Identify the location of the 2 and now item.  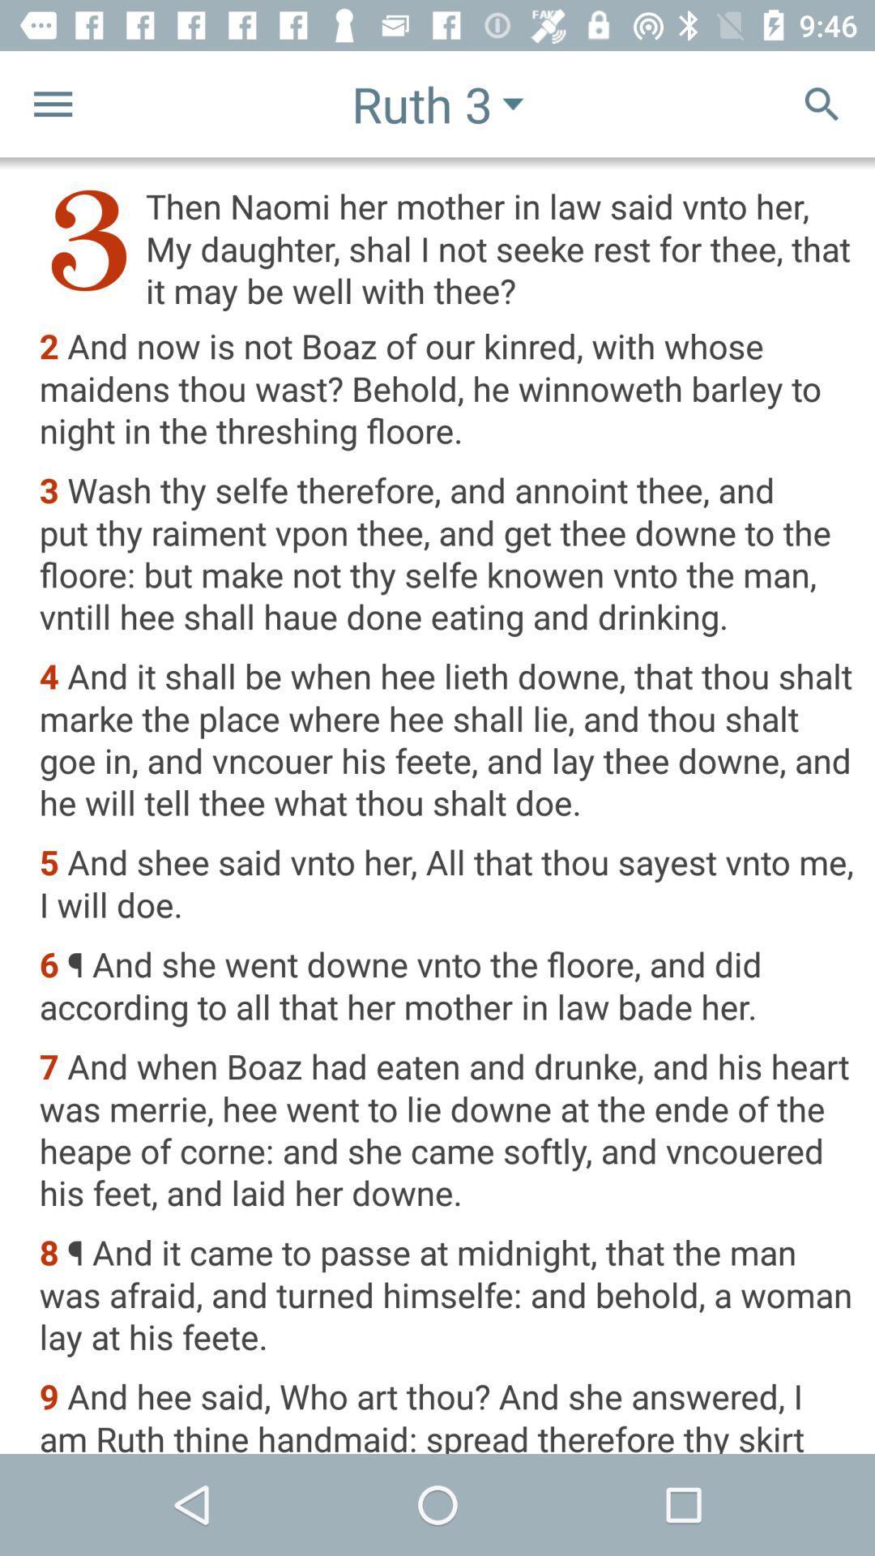
(446, 390).